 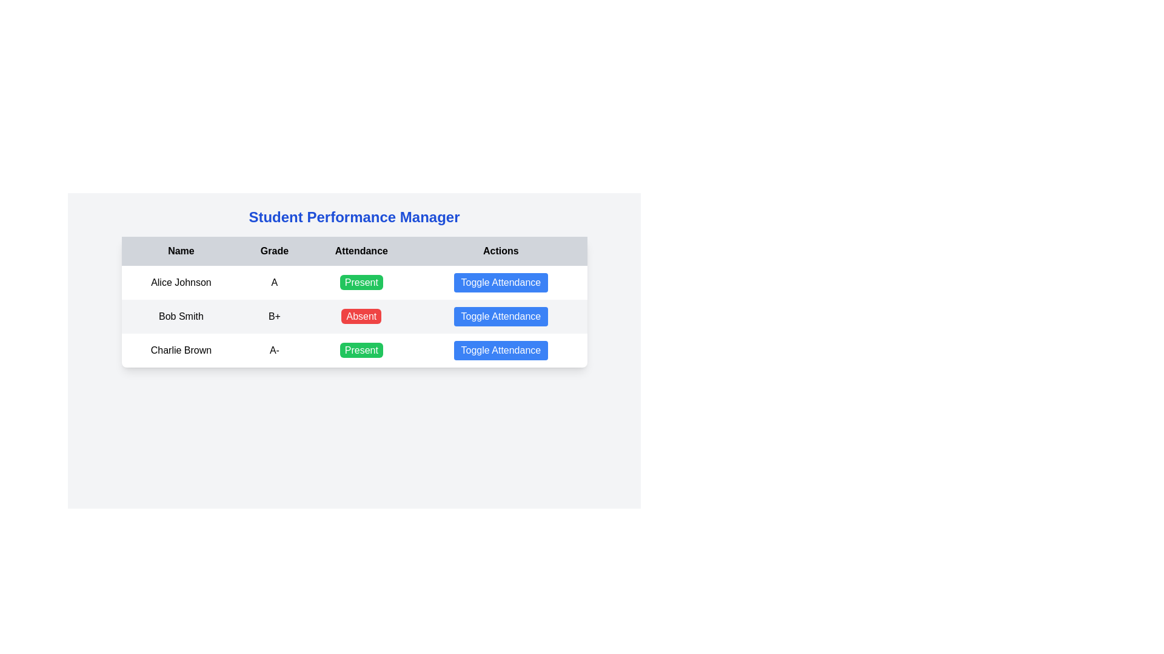 What do you see at coordinates (353, 301) in the screenshot?
I see `the attendance status display for student 'Bob Smith', which shows 'Absent', located in the second row of the table under the 'Attendance' column` at bounding box center [353, 301].